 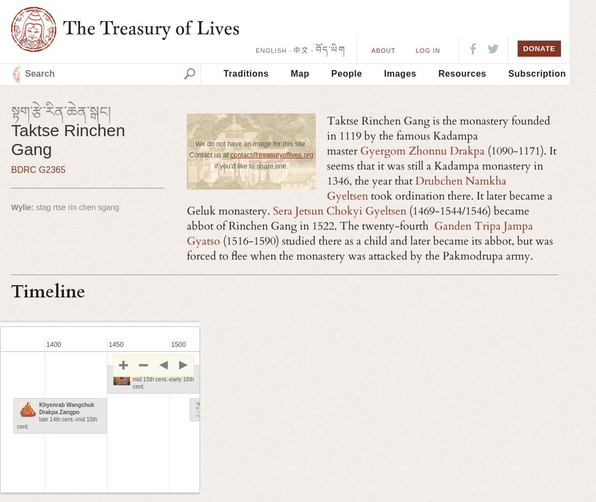 I want to click on 'About', so click(x=383, y=51).